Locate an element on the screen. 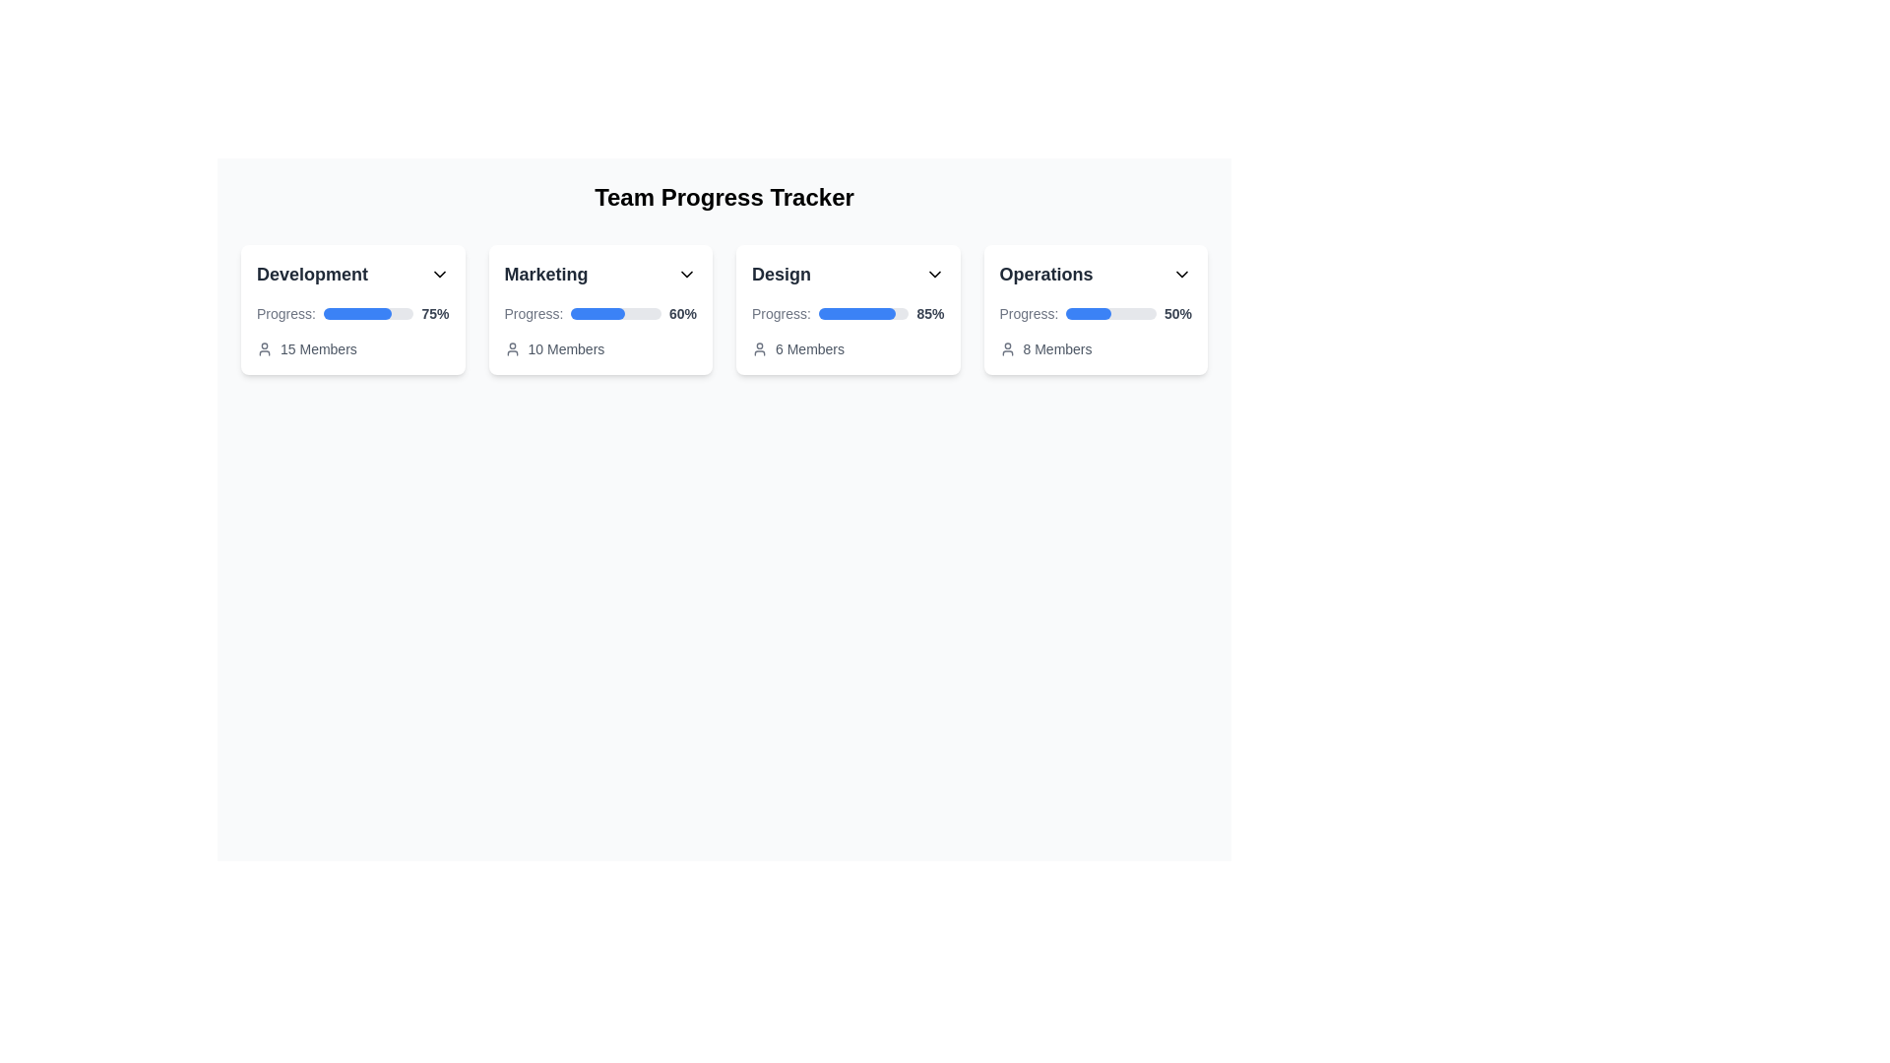 The height and width of the screenshot is (1063, 1890). text displaying '60%' in bold style located next to the progress bar in the 'Marketing' card under the 'Team Progress Tracker' heading is located at coordinates (682, 313).